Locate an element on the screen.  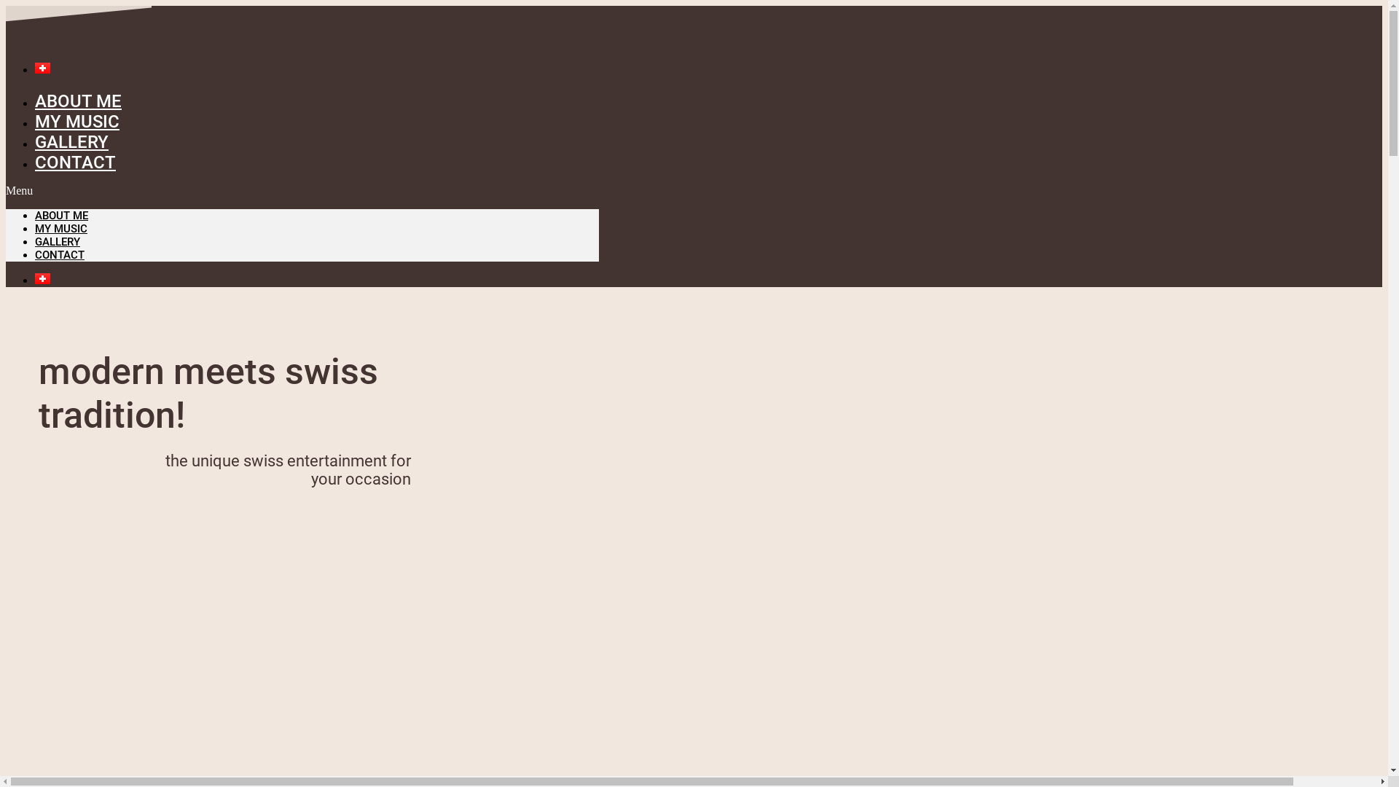
'CONTACT' is located at coordinates (74, 163).